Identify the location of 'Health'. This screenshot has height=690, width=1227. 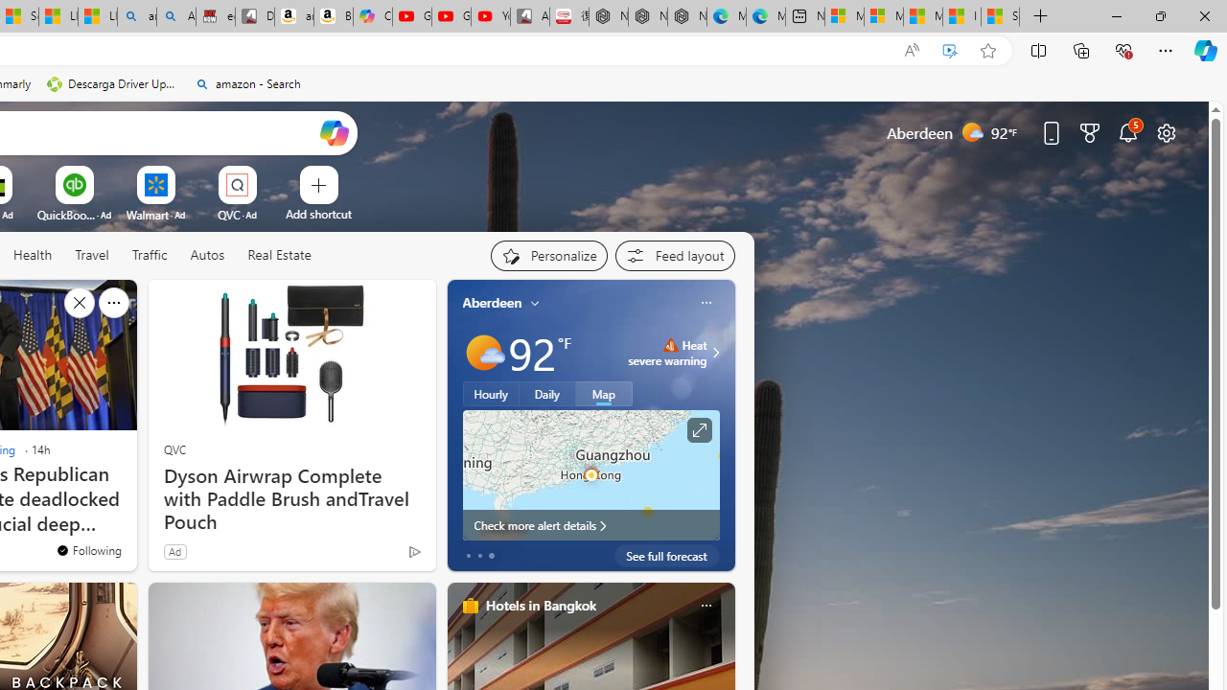
(33, 254).